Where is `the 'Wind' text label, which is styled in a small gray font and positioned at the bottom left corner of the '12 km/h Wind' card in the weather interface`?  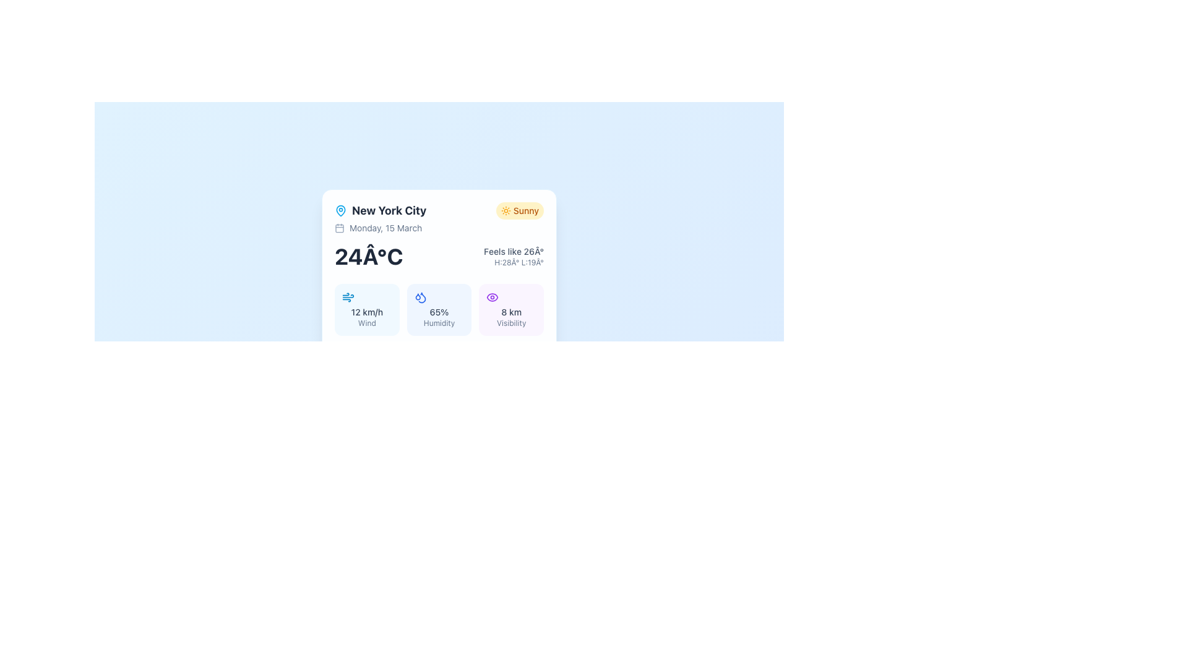 the 'Wind' text label, which is styled in a small gray font and positioned at the bottom left corner of the '12 km/h Wind' card in the weather interface is located at coordinates (366, 323).